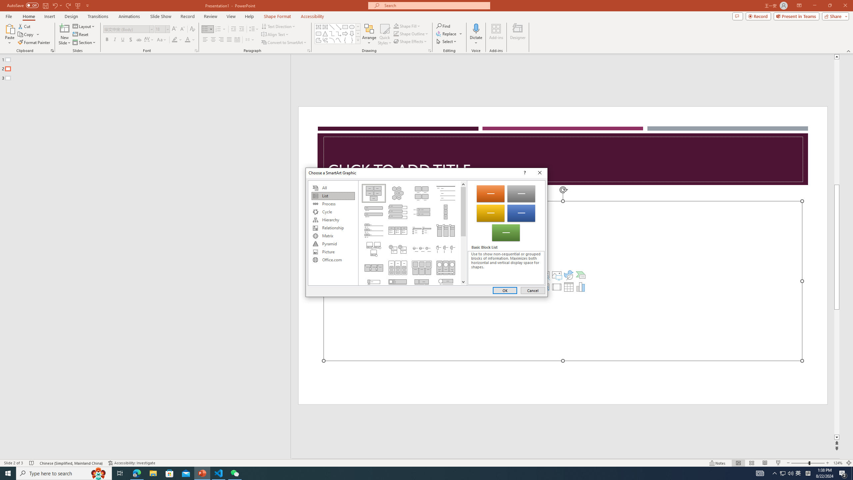 The image size is (853, 480). What do you see at coordinates (397, 268) in the screenshot?
I see `'Grouped List'` at bounding box center [397, 268].